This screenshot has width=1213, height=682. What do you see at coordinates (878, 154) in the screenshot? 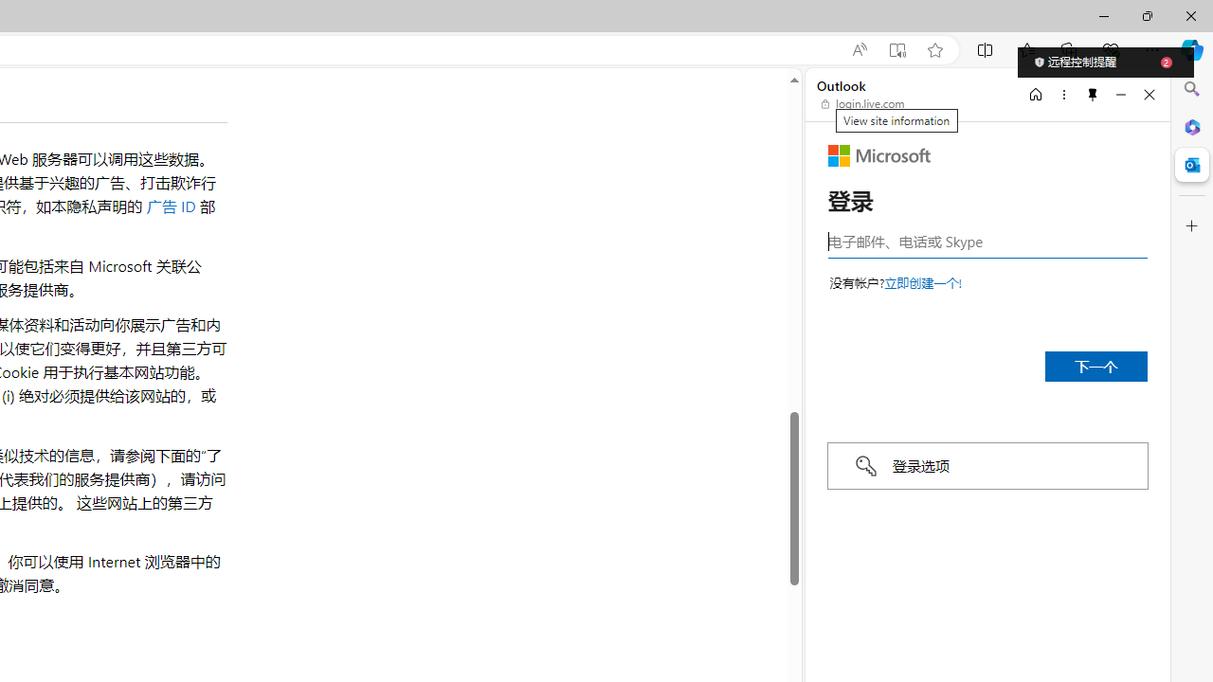
I see `'Microsoft'` at bounding box center [878, 154].